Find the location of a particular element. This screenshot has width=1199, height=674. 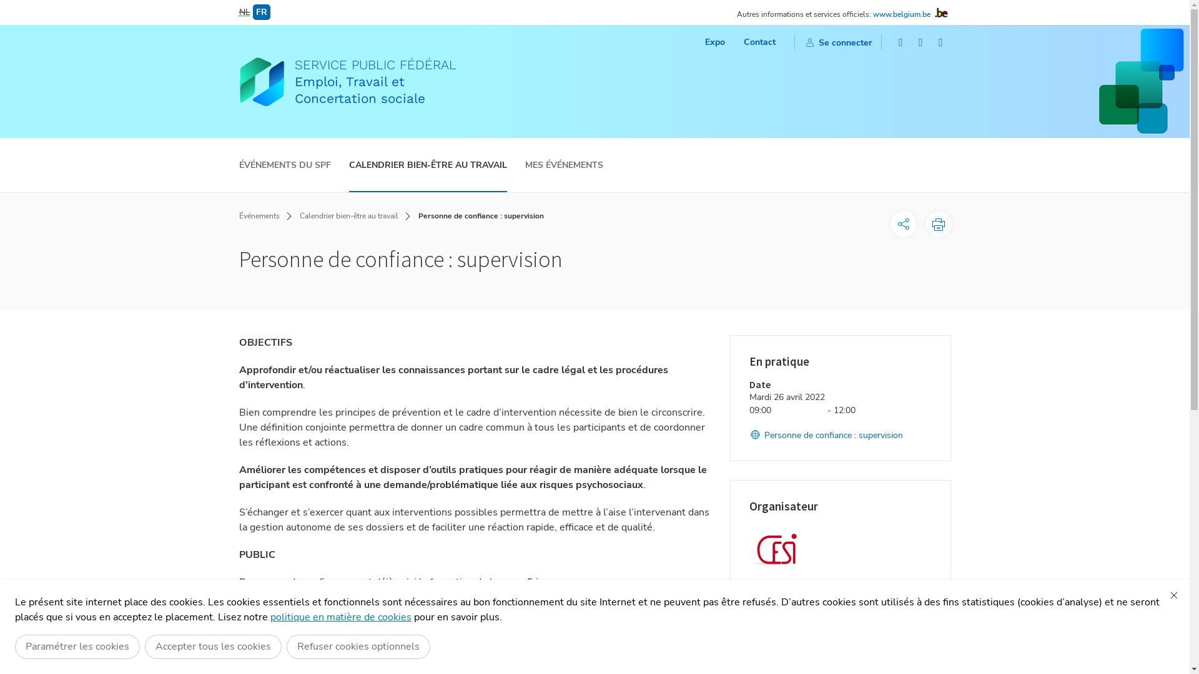

'LinkedIn' is located at coordinates (941, 42).